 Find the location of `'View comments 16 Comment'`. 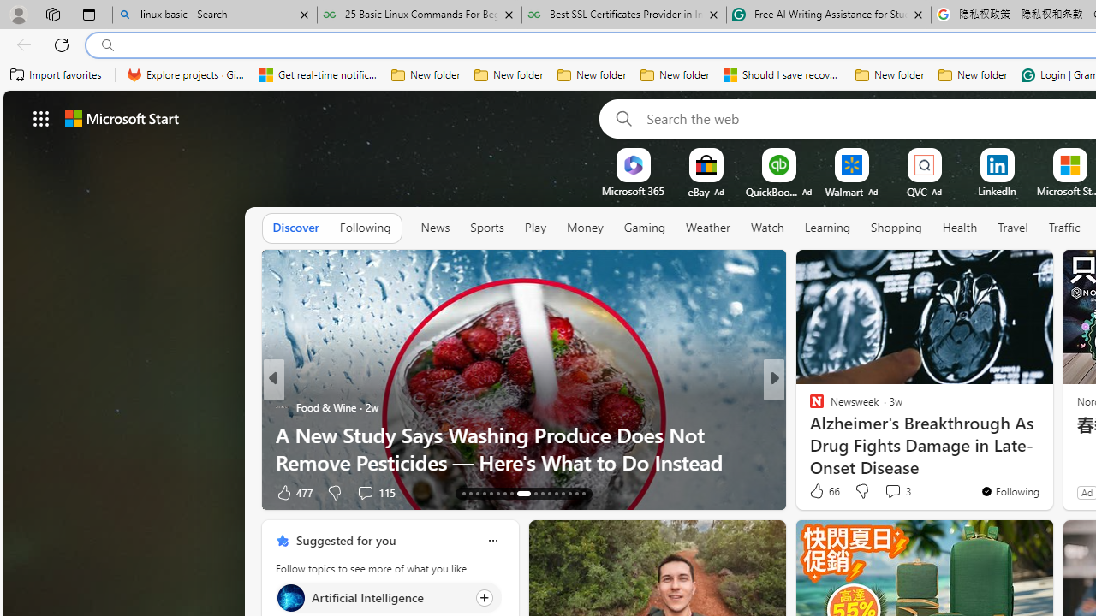

'View comments 16 Comment' is located at coordinates (891, 492).